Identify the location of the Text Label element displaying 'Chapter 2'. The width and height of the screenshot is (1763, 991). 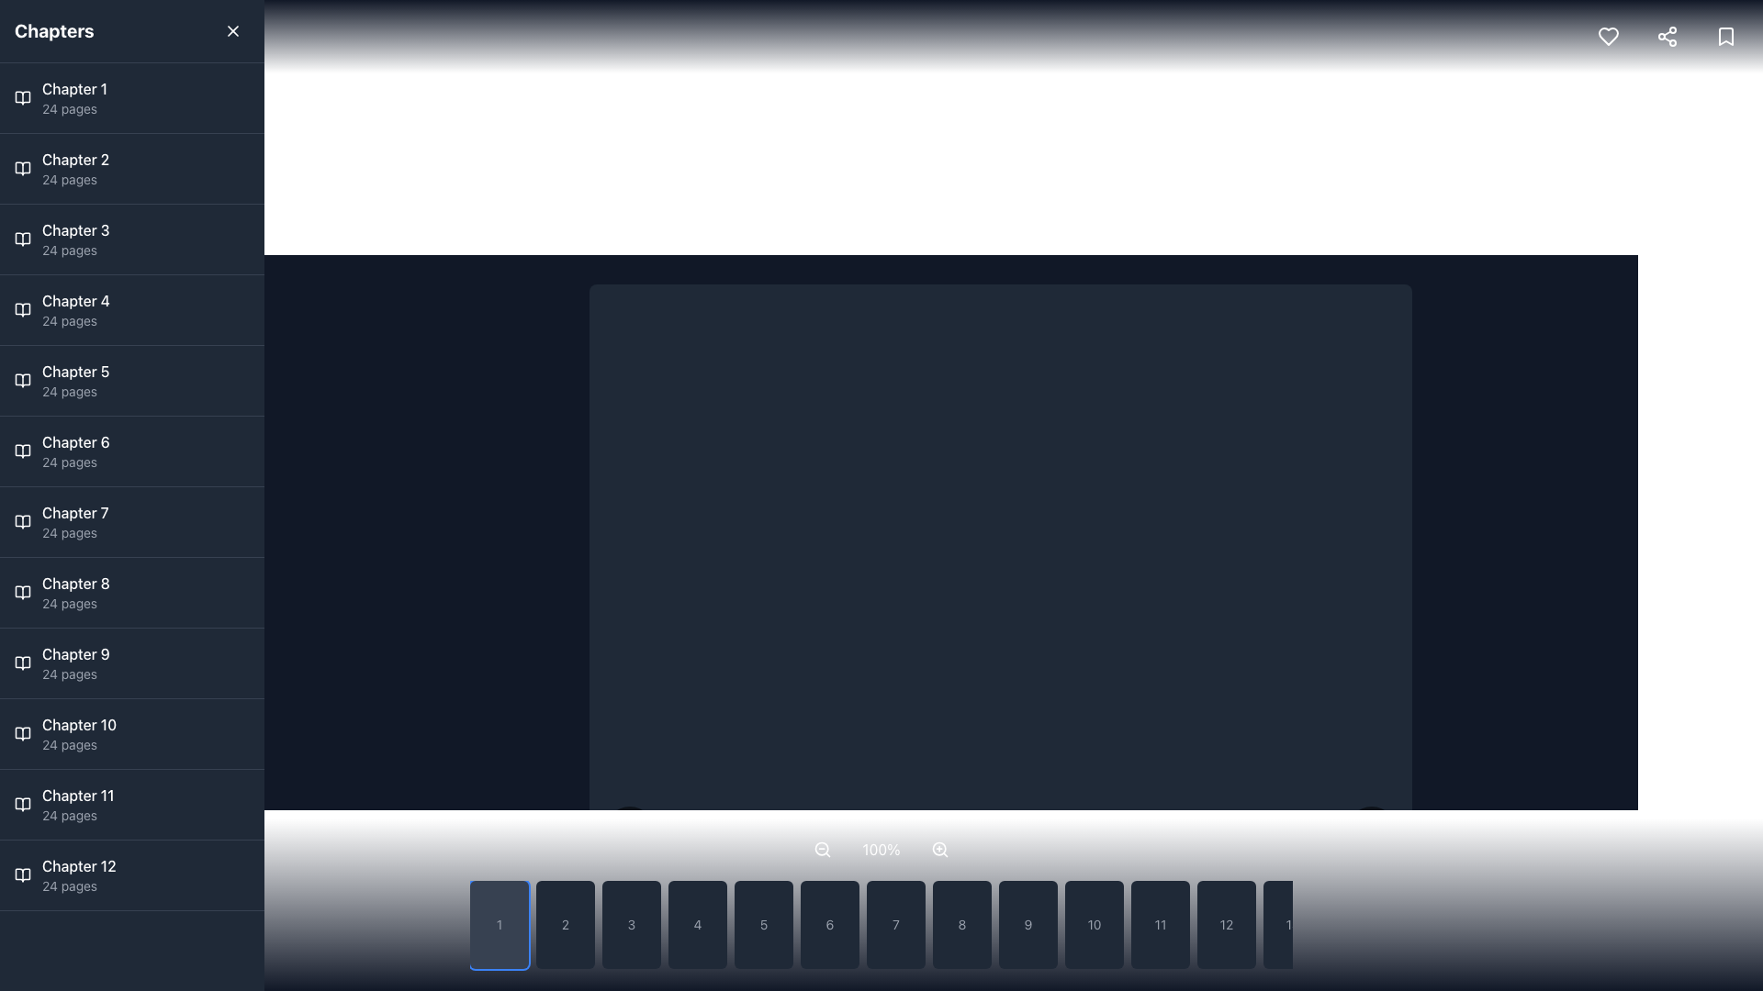
(74, 158).